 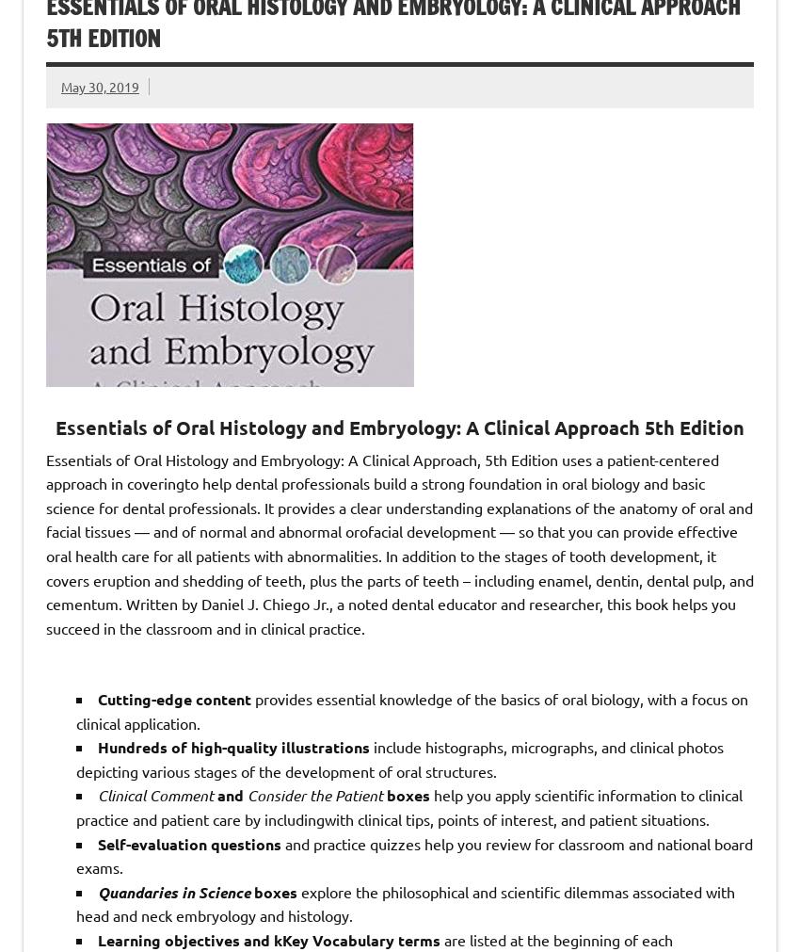 I want to click on 'and practice quizzes help you review for classroom and national board exams.', so click(x=413, y=854).